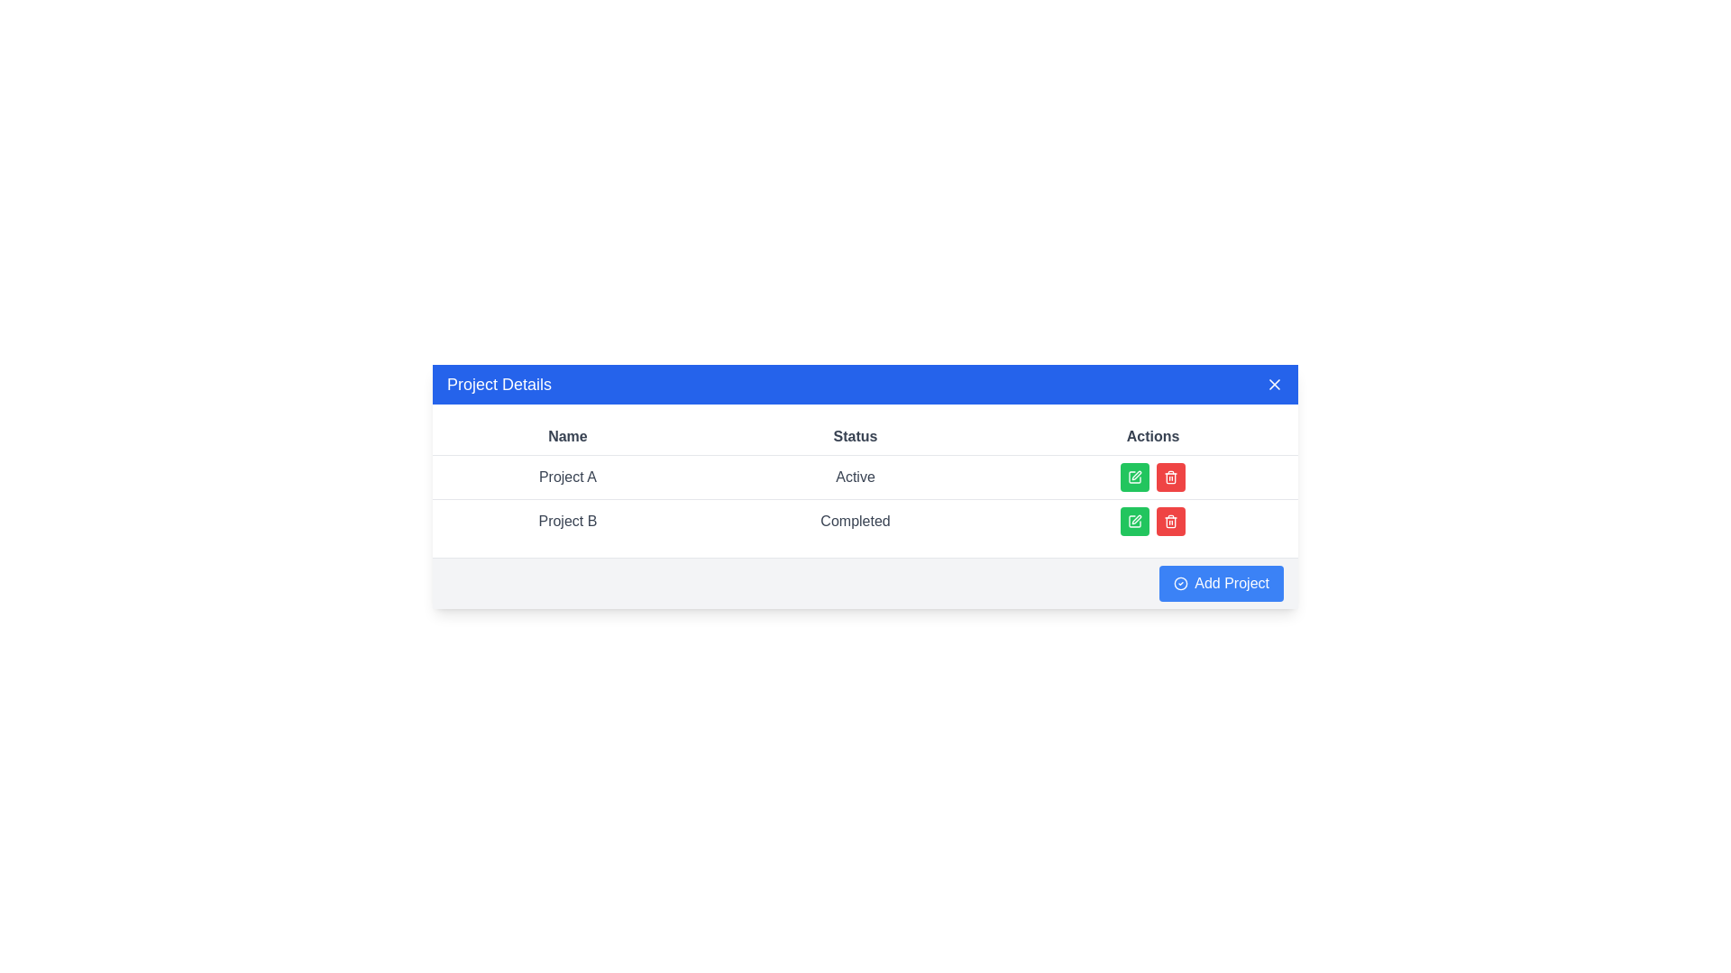 This screenshot has height=973, width=1731. What do you see at coordinates (1171, 476) in the screenshot?
I see `the Delete button with a red background and a white trash can icon, located in the Actions column of the second row, to initiate delete` at bounding box center [1171, 476].